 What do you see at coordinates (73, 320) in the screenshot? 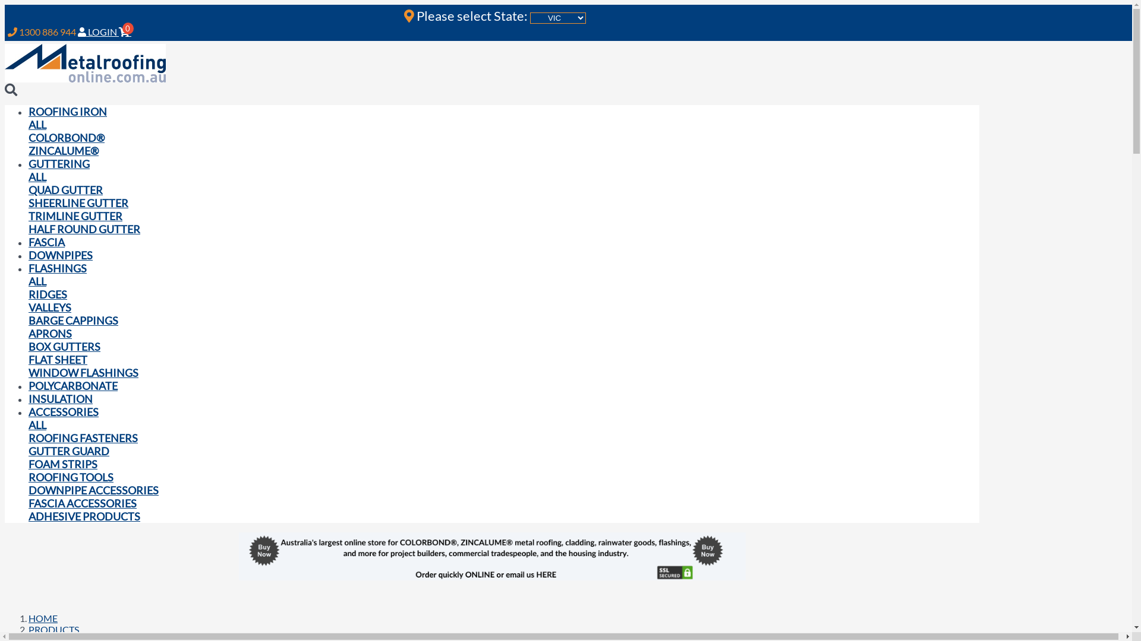
I see `'BARGE CAPPINGS'` at bounding box center [73, 320].